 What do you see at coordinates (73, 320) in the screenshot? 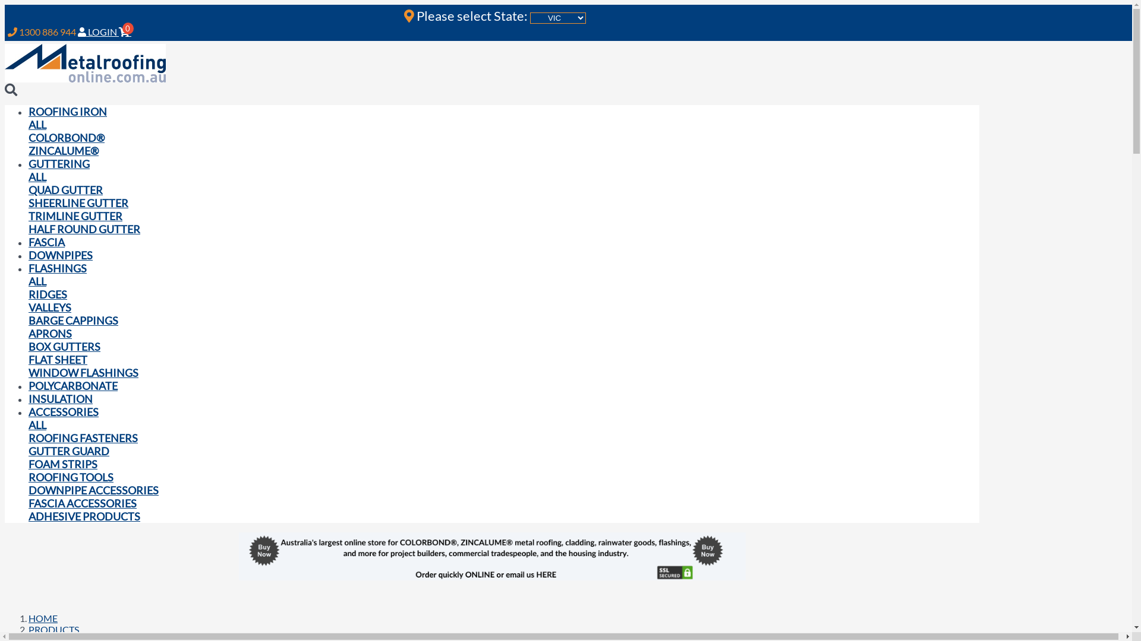
I see `'BARGE CAPPINGS'` at bounding box center [73, 320].